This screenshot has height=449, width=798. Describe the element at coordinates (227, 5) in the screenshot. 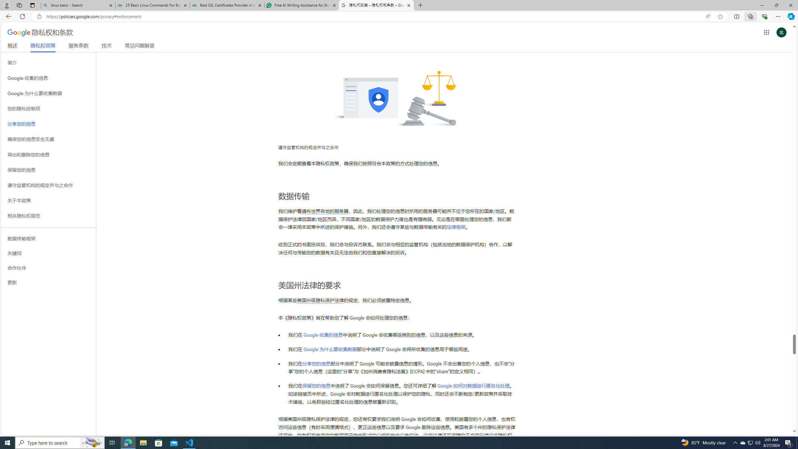

I see `'Best SSL Certificates Provider in India - GeeksforGeeks'` at that location.